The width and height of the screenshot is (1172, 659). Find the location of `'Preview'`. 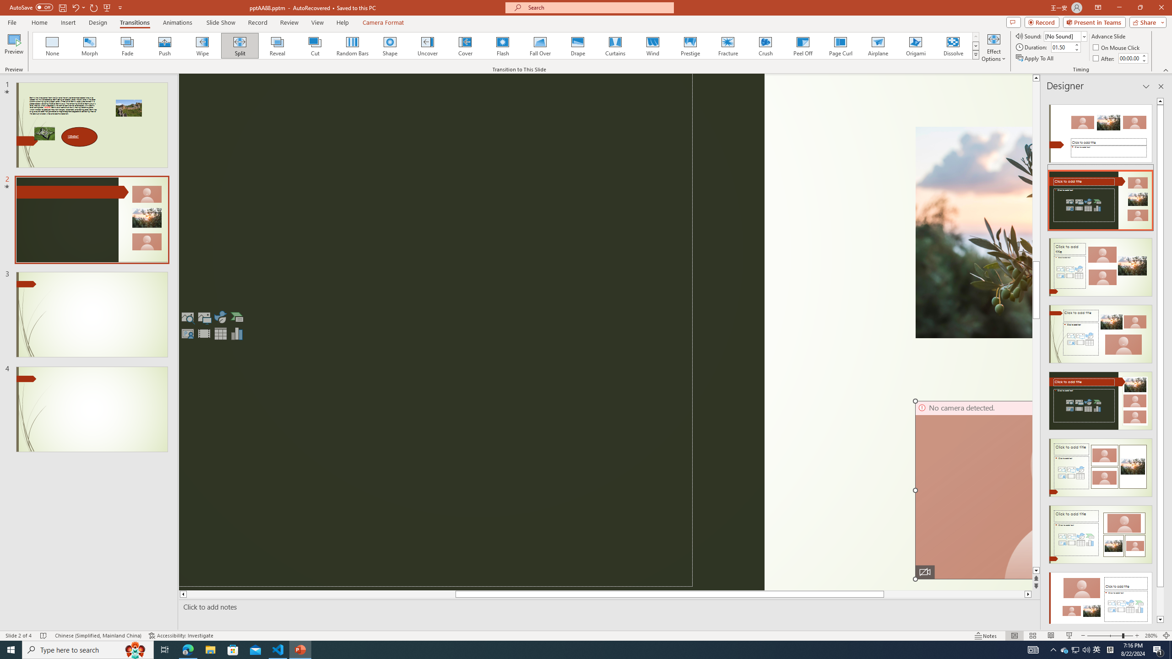

'Preview' is located at coordinates (13, 47).